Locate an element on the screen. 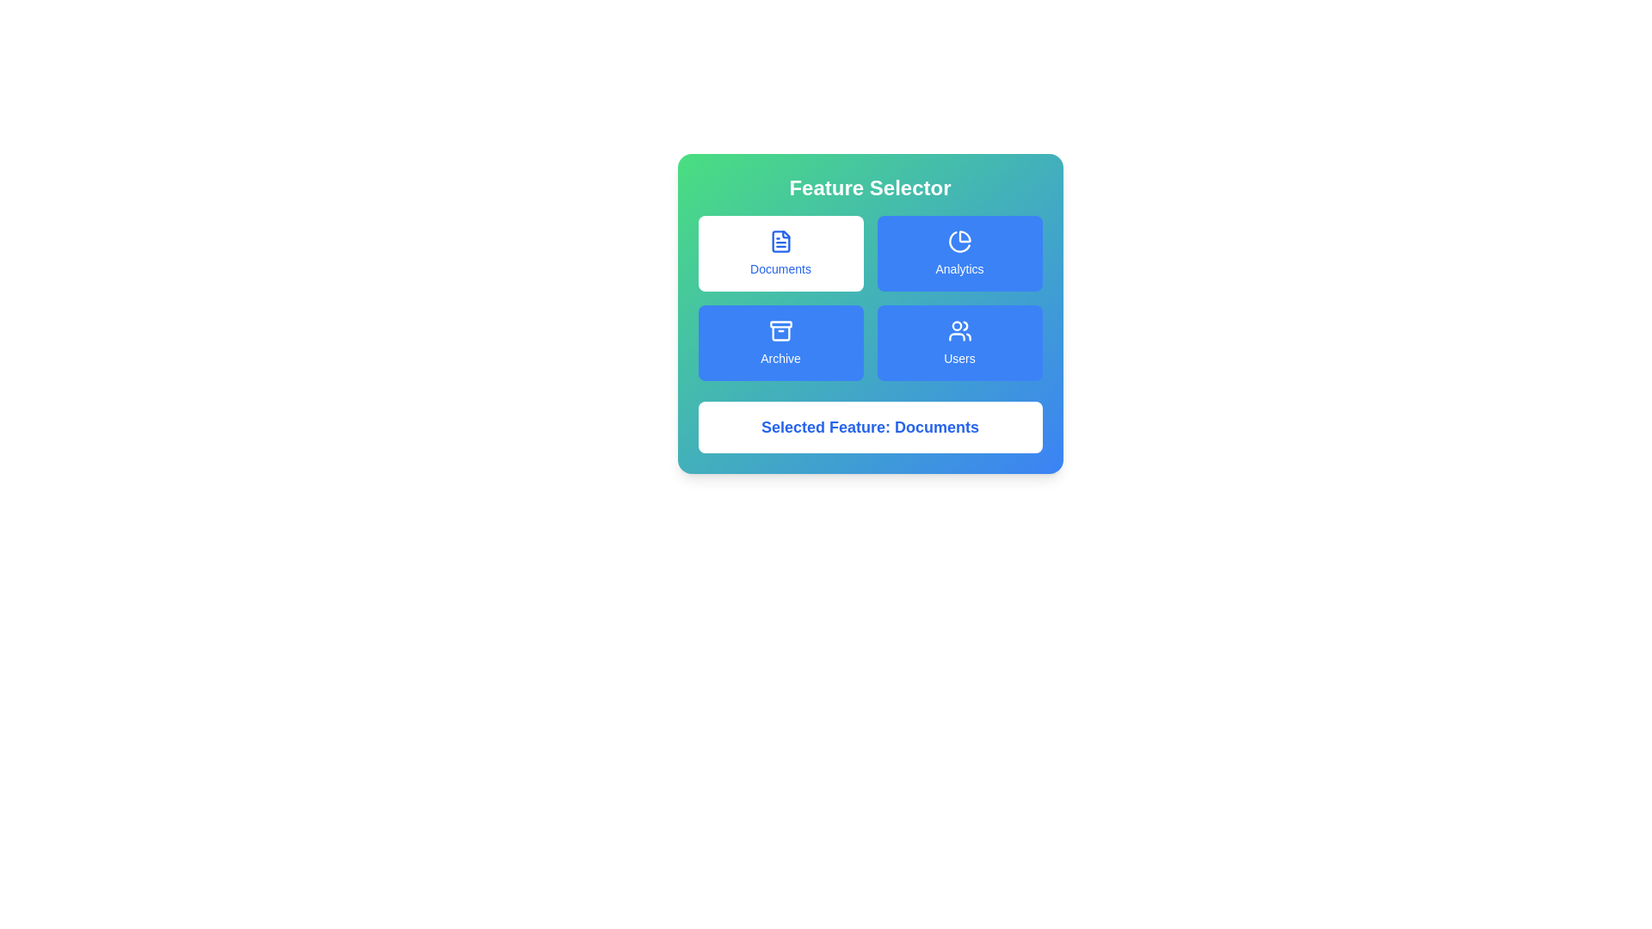  the 'Documents' button located in the top left corner of the grid layout, which features a document outline icon and blue text beneath it is located at coordinates (780, 253).